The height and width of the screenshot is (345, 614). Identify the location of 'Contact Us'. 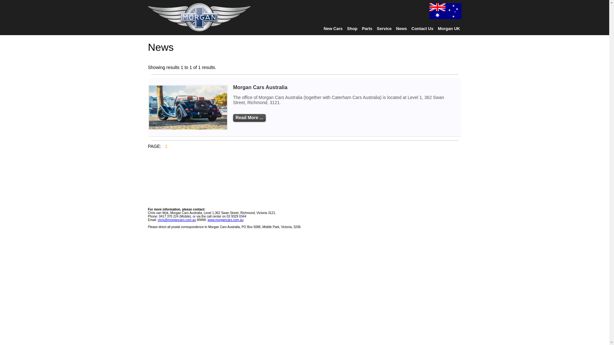
(422, 28).